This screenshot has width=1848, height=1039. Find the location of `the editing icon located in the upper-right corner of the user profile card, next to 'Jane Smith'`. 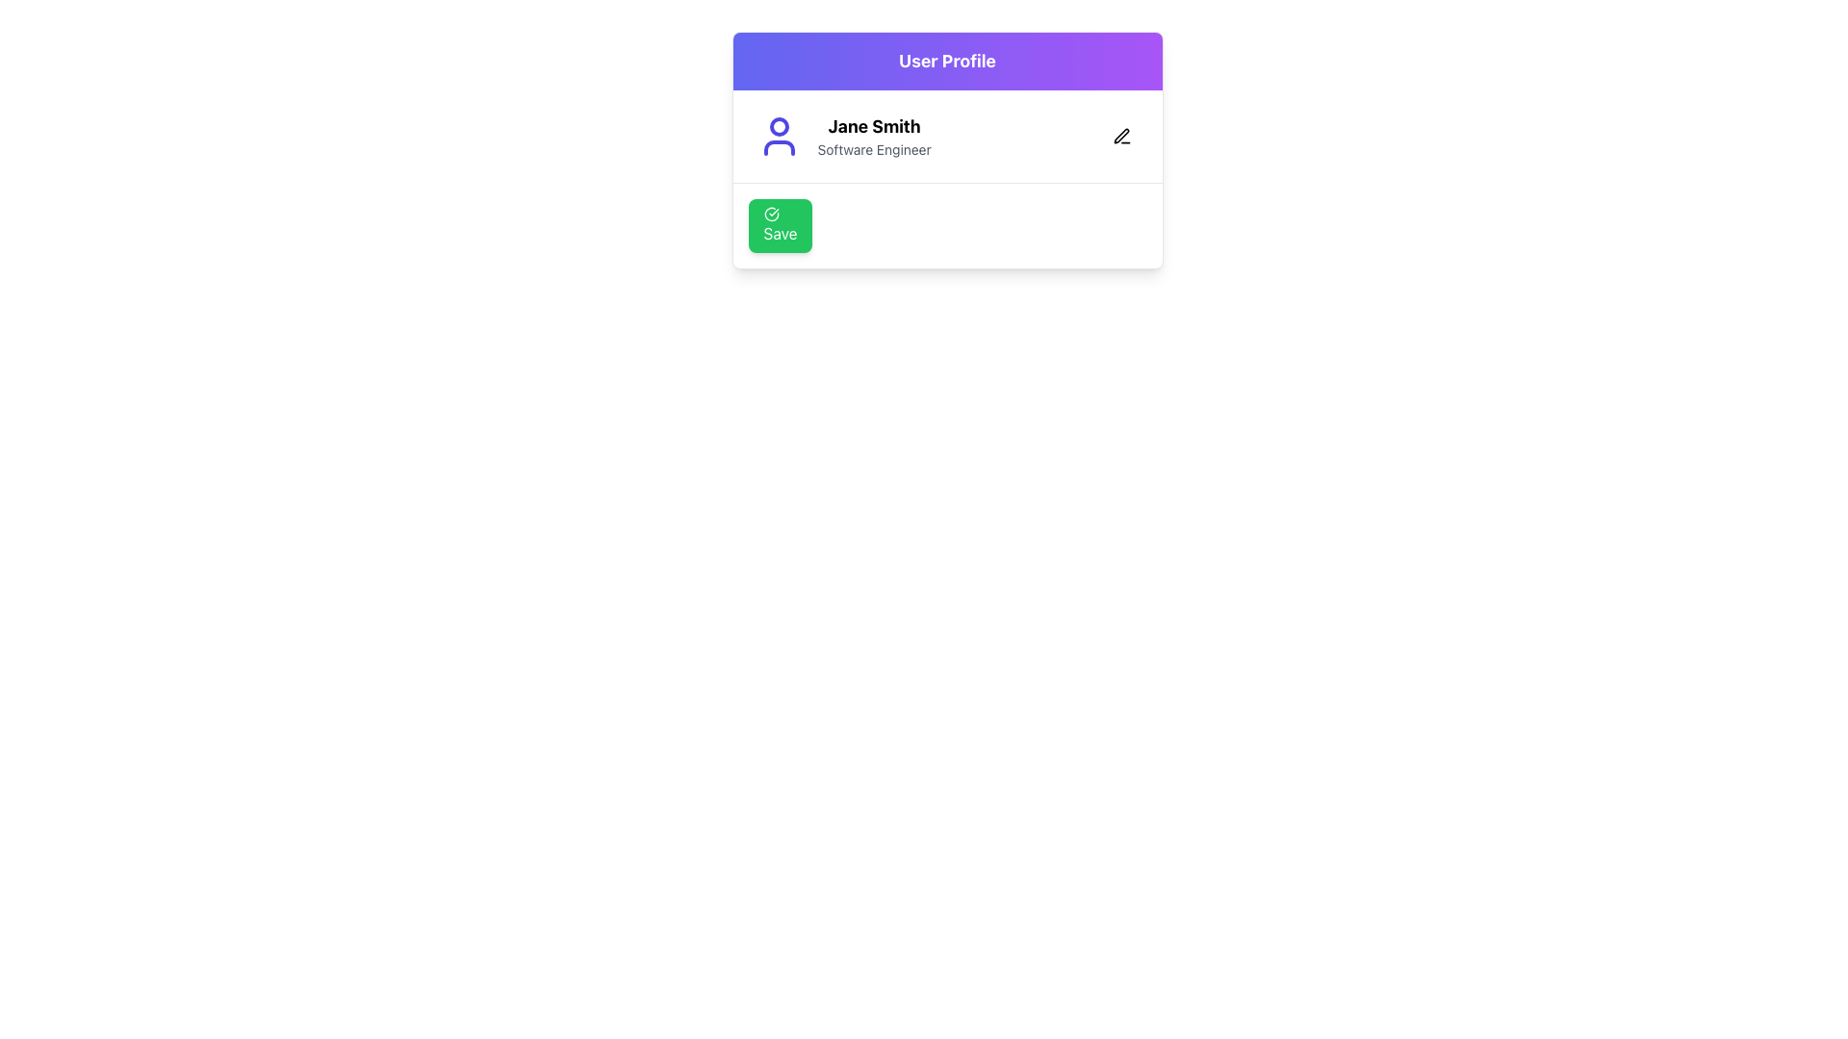

the editing icon located in the upper-right corner of the user profile card, next to 'Jane Smith' is located at coordinates (1121, 136).